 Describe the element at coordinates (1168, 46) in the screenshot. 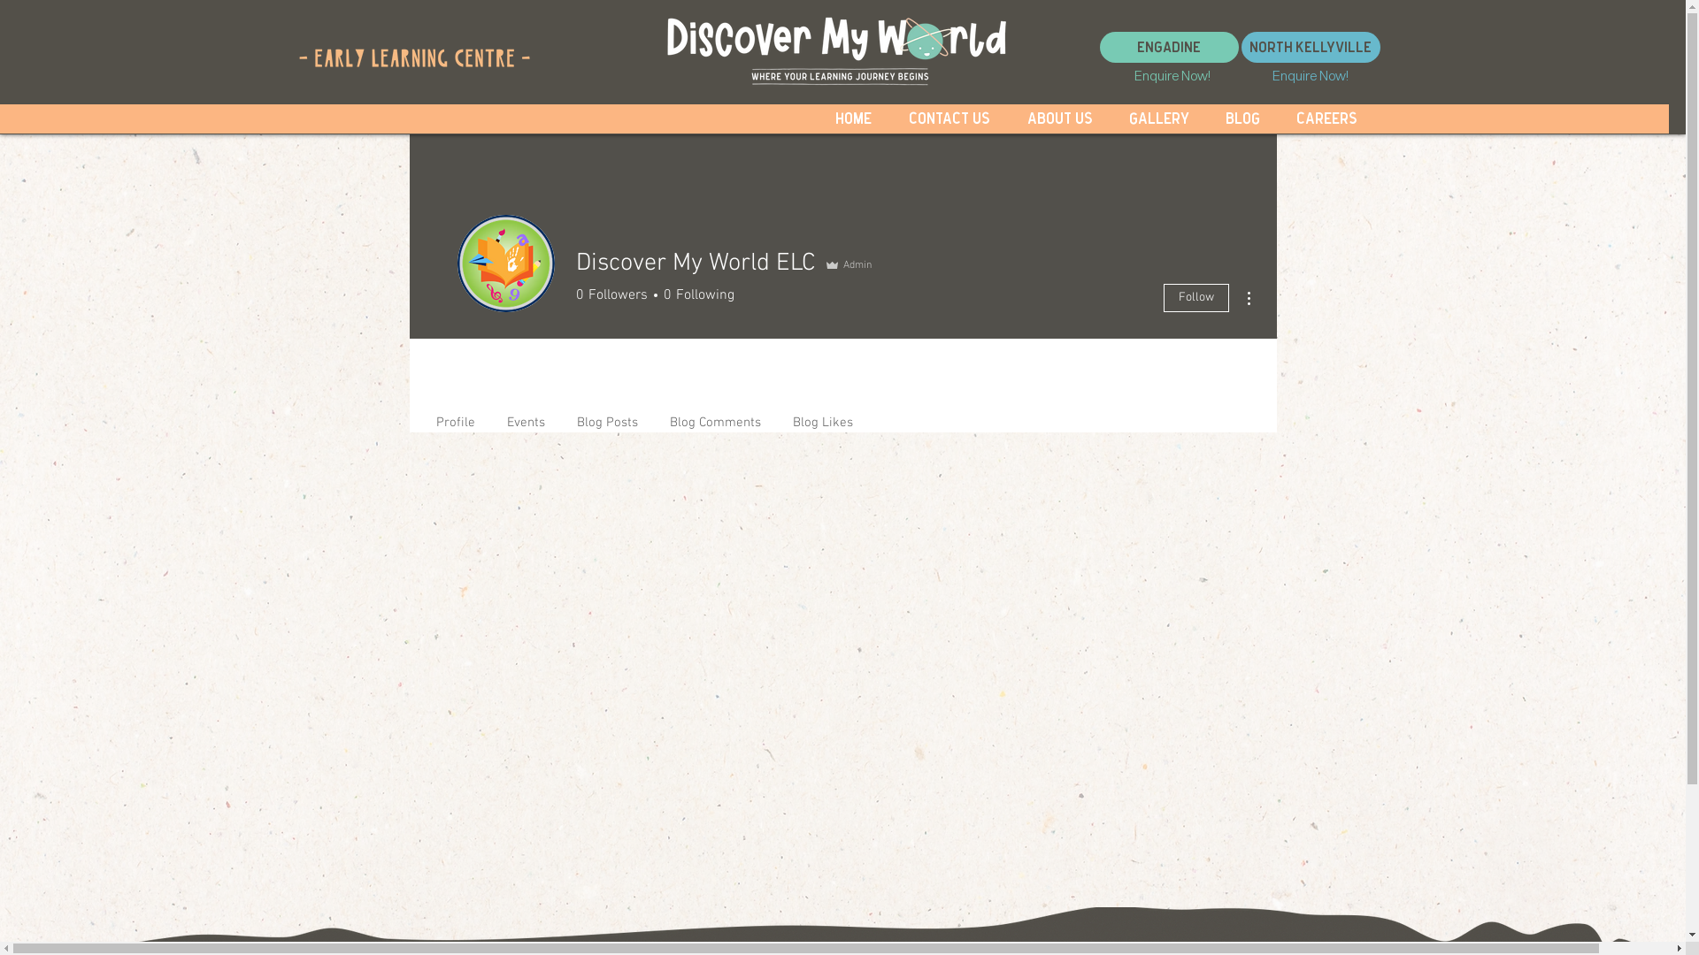

I see `'Engadine'` at that location.